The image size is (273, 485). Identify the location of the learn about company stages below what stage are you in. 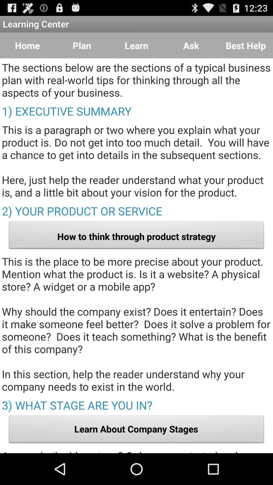
(136, 430).